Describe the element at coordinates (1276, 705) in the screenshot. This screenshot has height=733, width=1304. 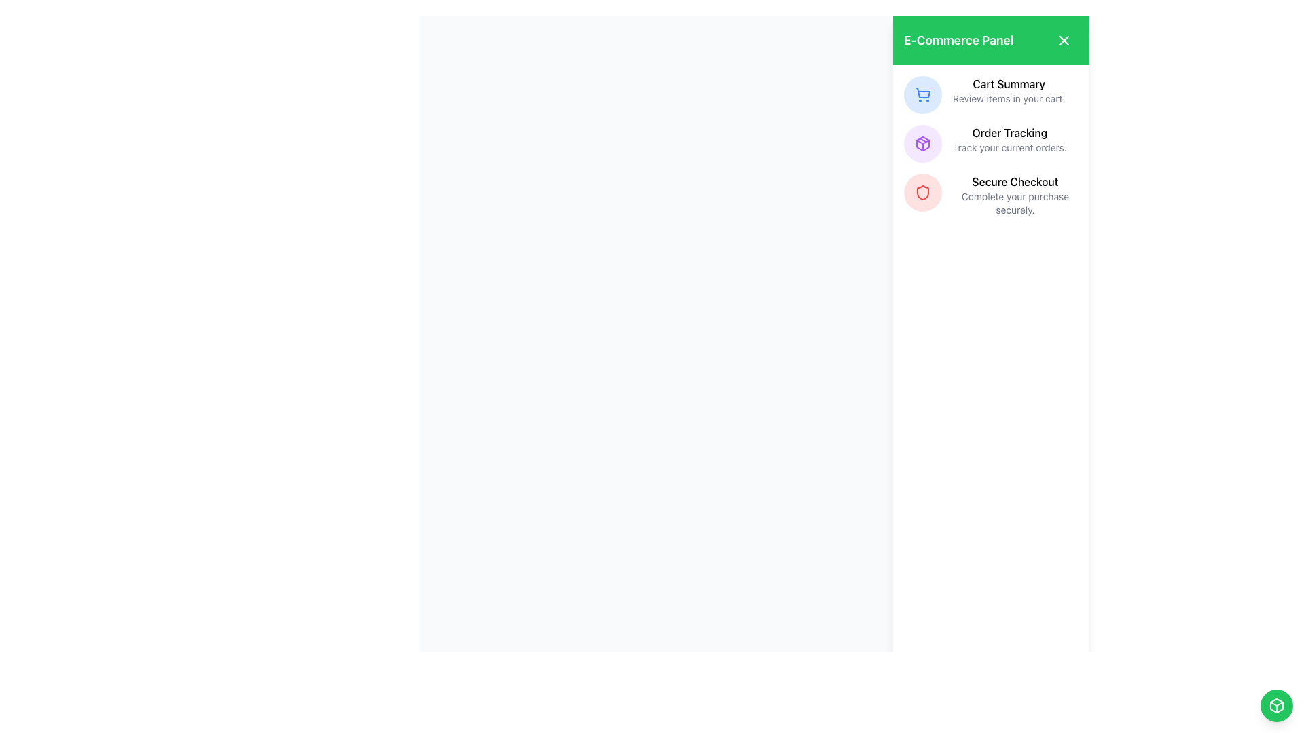
I see `the small box icon styled with thin lines located within the green circular button in the bottom-right corner of the interface` at that location.